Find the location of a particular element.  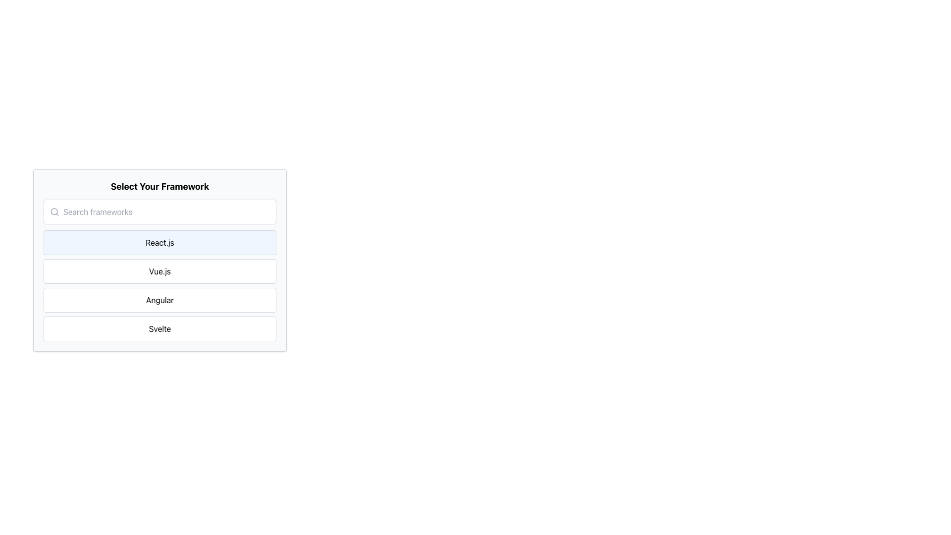

the selectable button named 'Svelte', which is the fourth option in a vertical list of framework options is located at coordinates (159, 328).